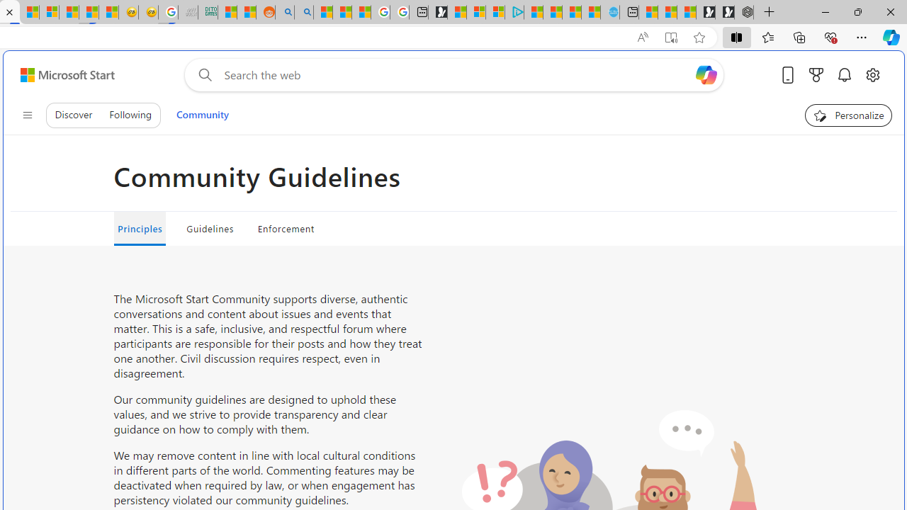 The width and height of the screenshot is (907, 510). What do you see at coordinates (670, 37) in the screenshot?
I see `'Enter Immersive Reader (F9)'` at bounding box center [670, 37].